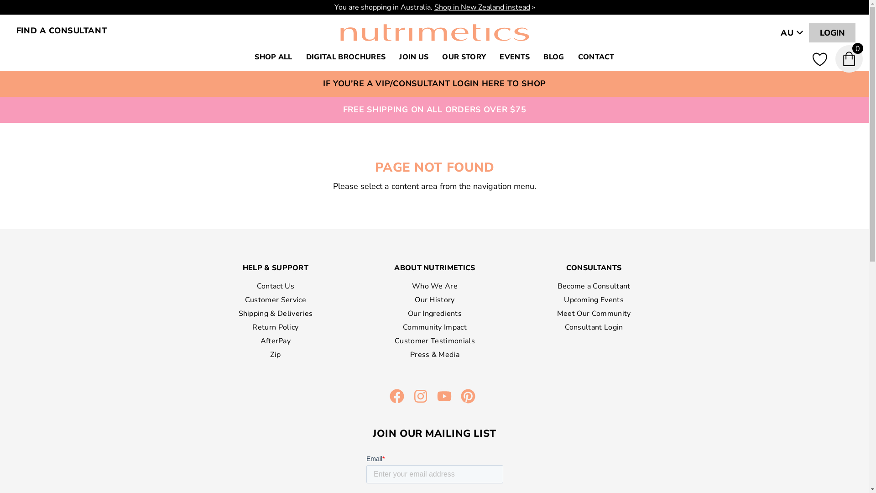  I want to click on 'Press & Media', so click(434, 354).